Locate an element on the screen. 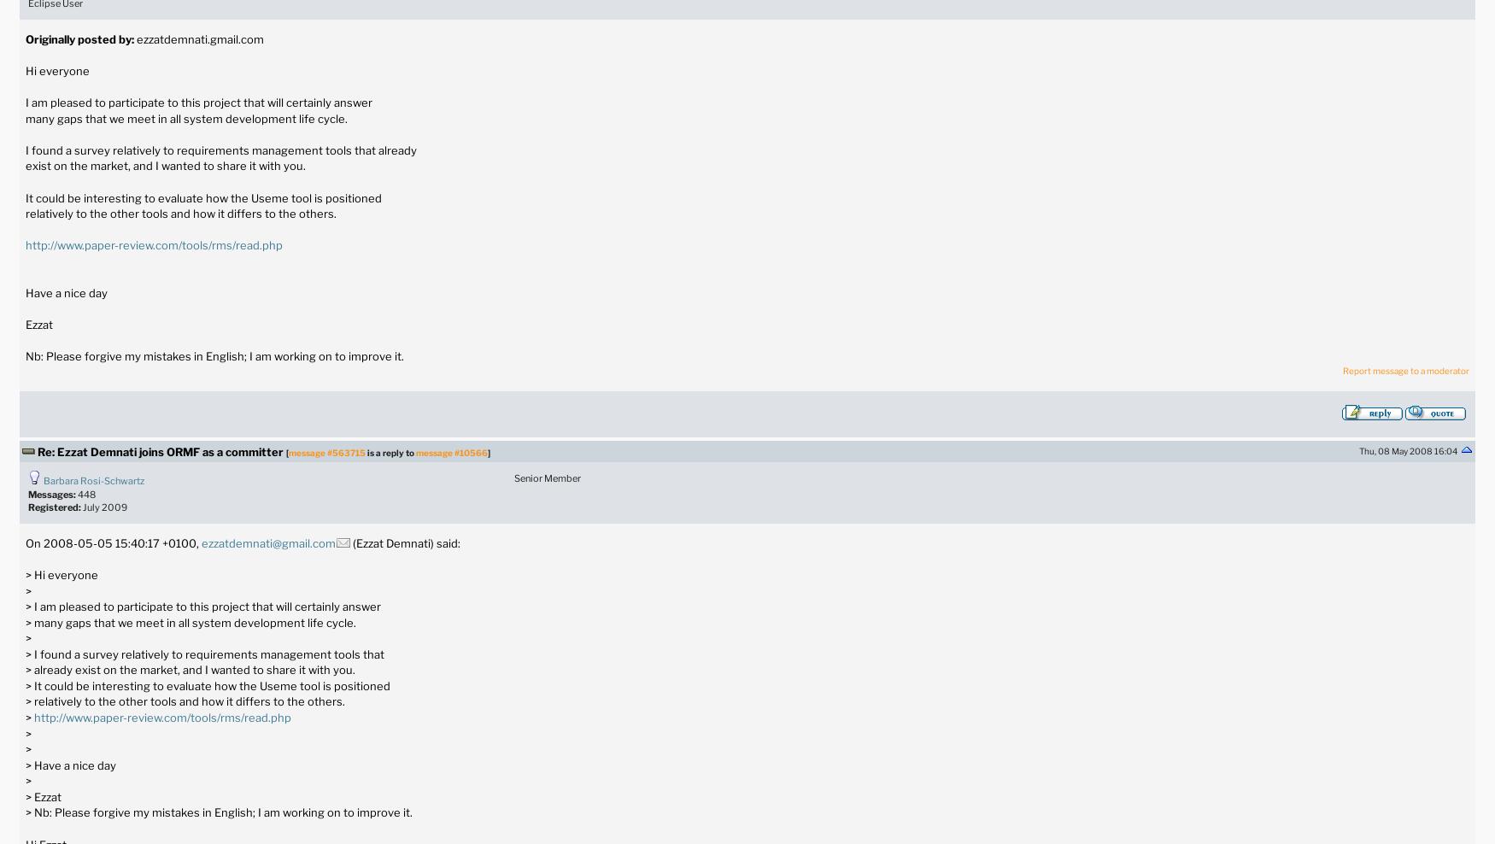  '> Nb: Please forgive my mistakes in English; I am working on to improve it.' is located at coordinates (217, 812).